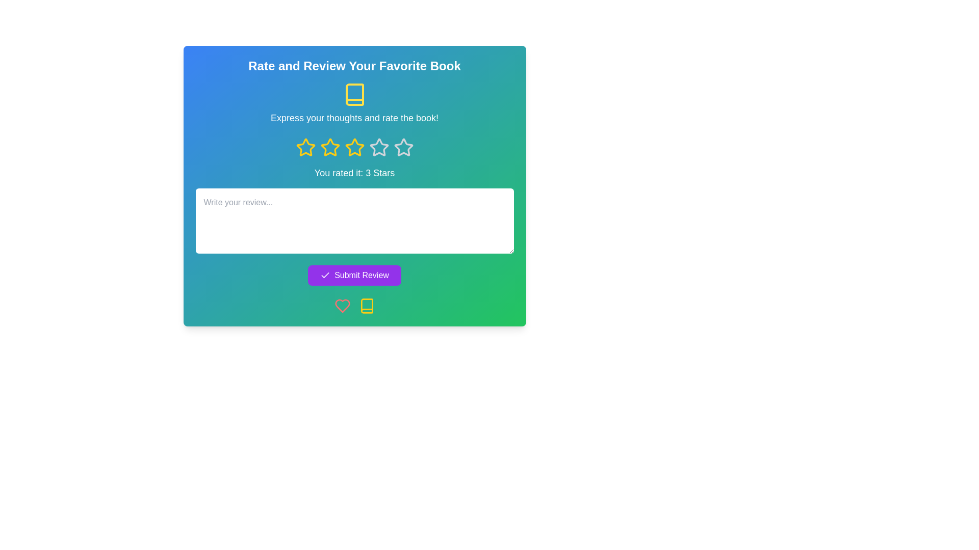 The width and height of the screenshot is (979, 550). I want to click on the third star icon in the 5-star rating system, so click(330, 147).